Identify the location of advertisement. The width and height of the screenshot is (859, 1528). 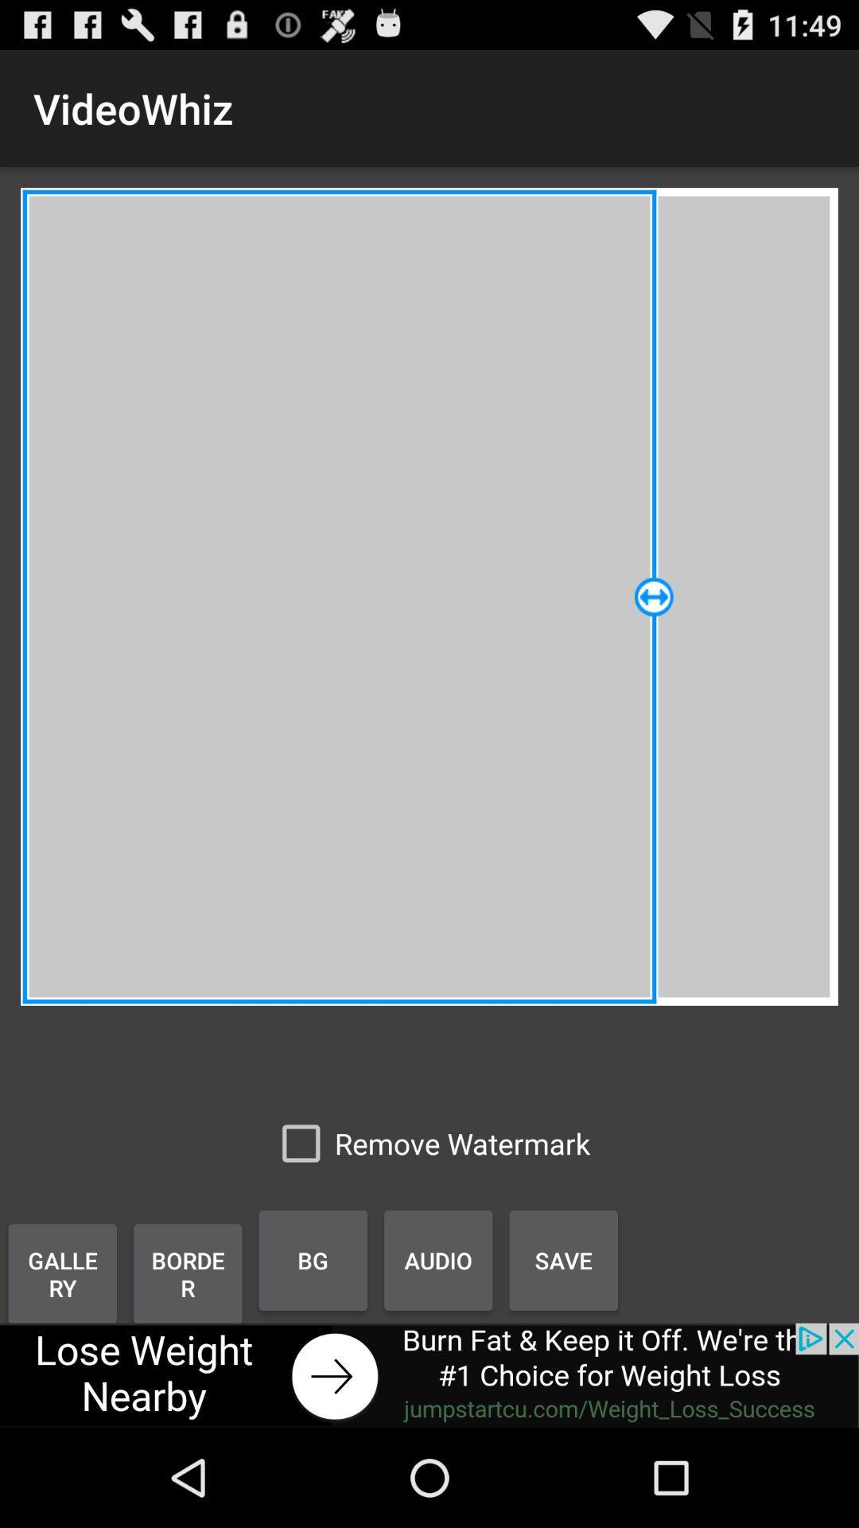
(429, 1374).